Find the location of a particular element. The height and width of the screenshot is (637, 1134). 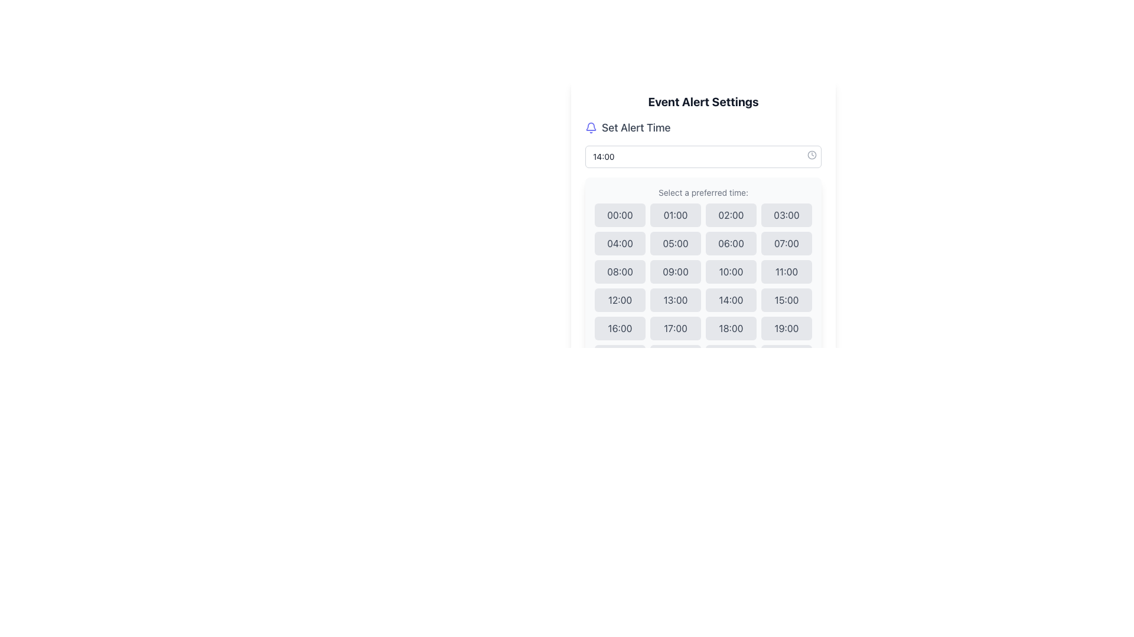

the interactive button for selecting the time '11:00', which is located in the third row and fourth column of a 6x4 grid layout of time buttons is located at coordinates (786, 272).